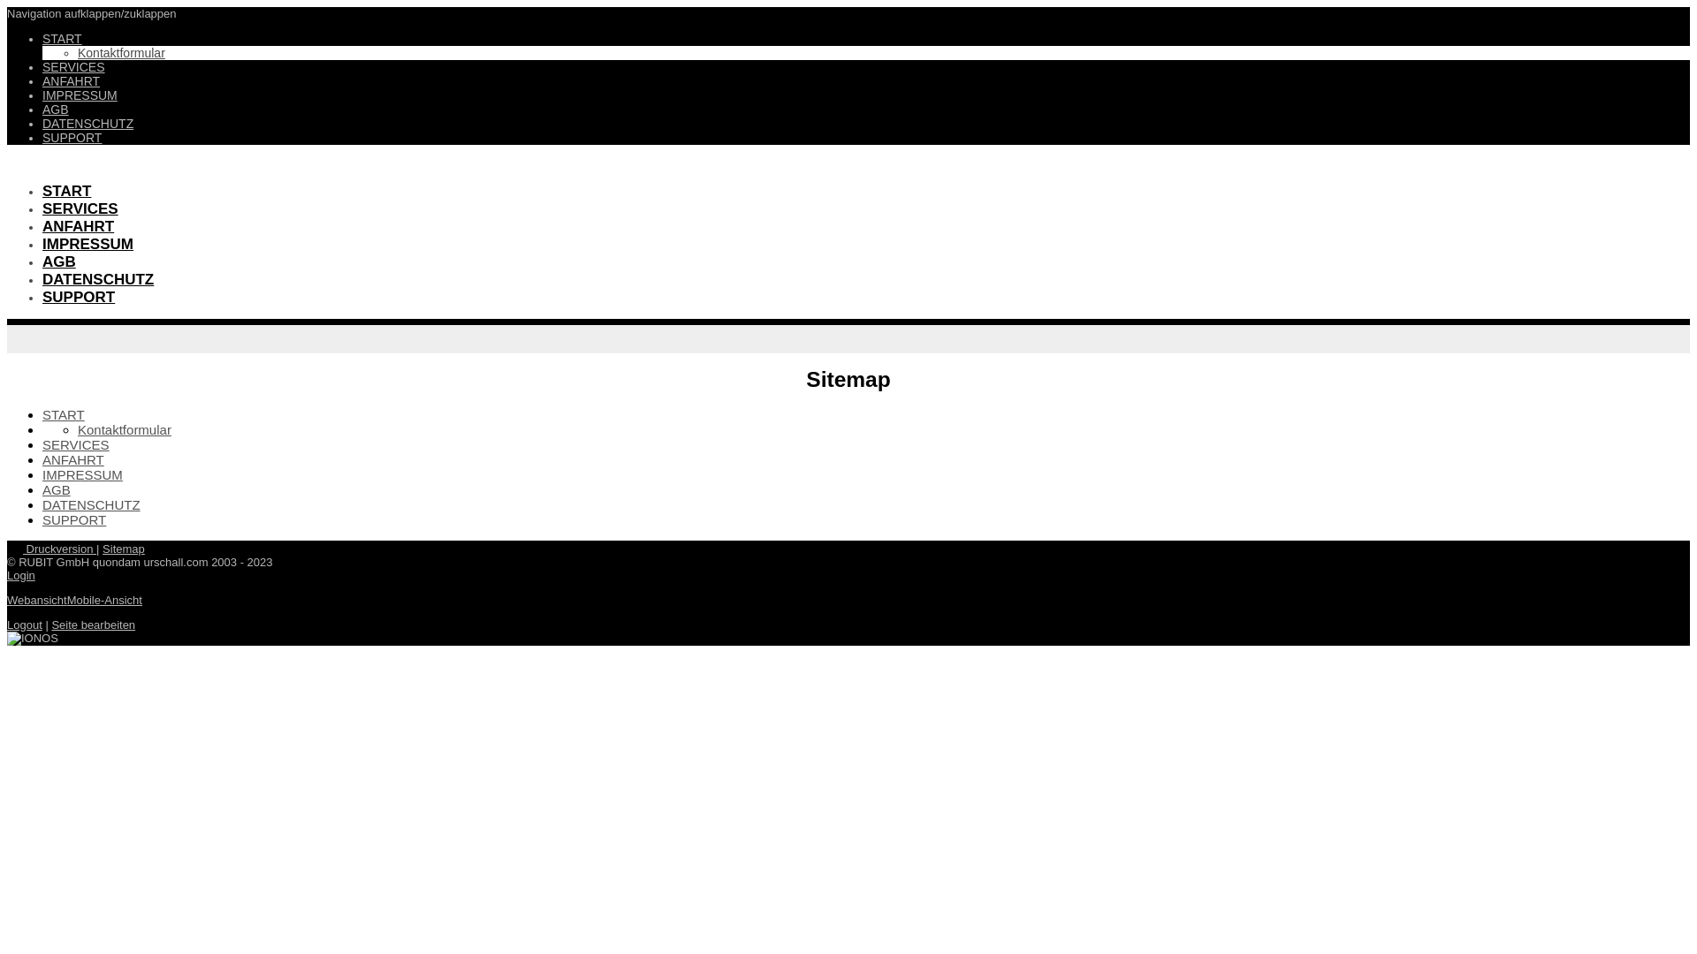  Describe the element at coordinates (122, 548) in the screenshot. I see `'Sitemap'` at that location.